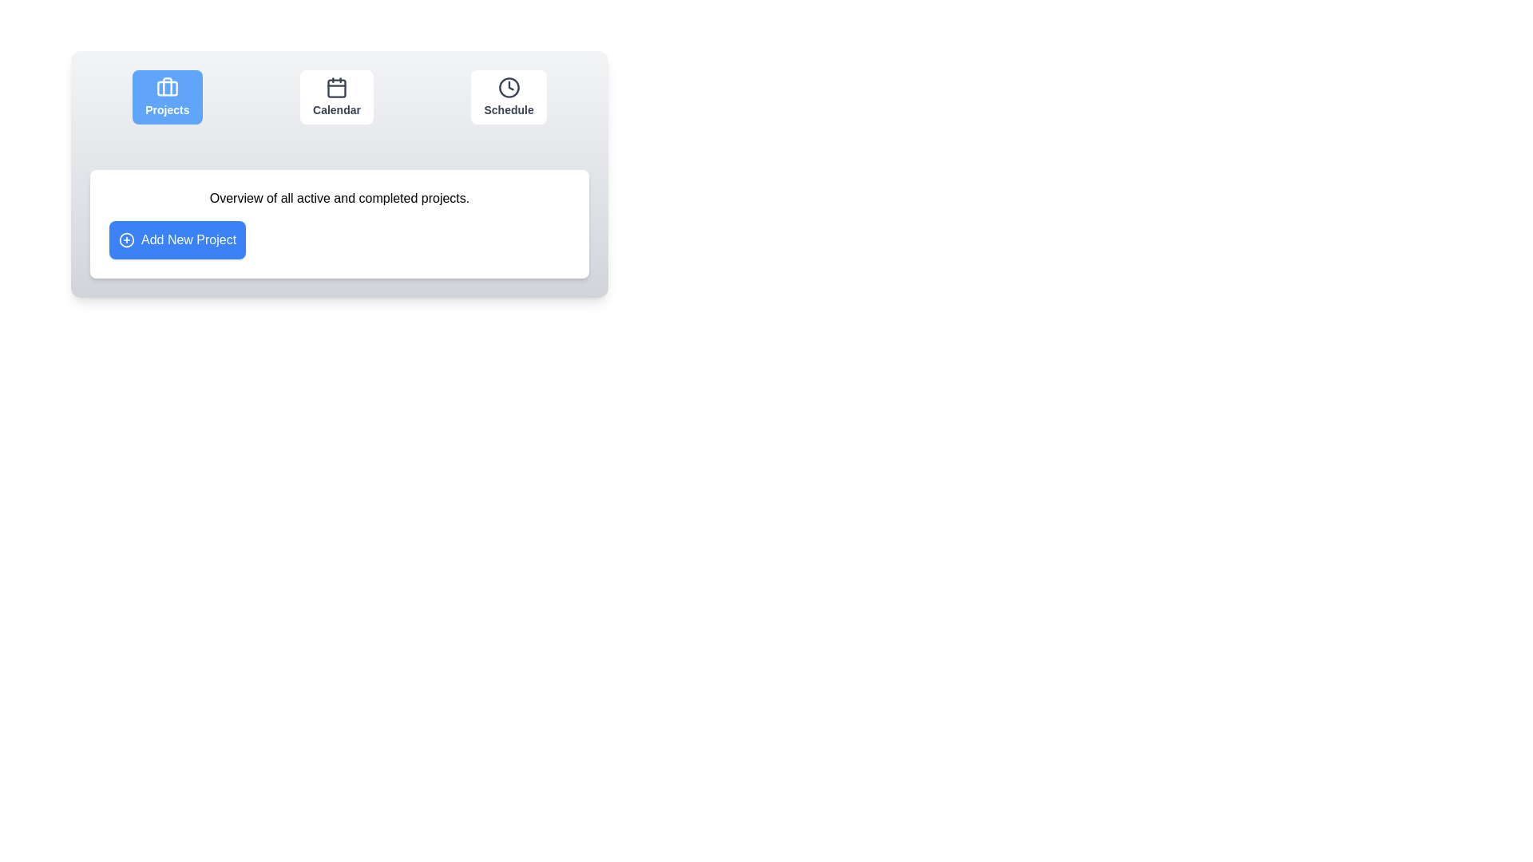  What do you see at coordinates (336, 97) in the screenshot?
I see `the Calendar button to observe visual feedback` at bounding box center [336, 97].